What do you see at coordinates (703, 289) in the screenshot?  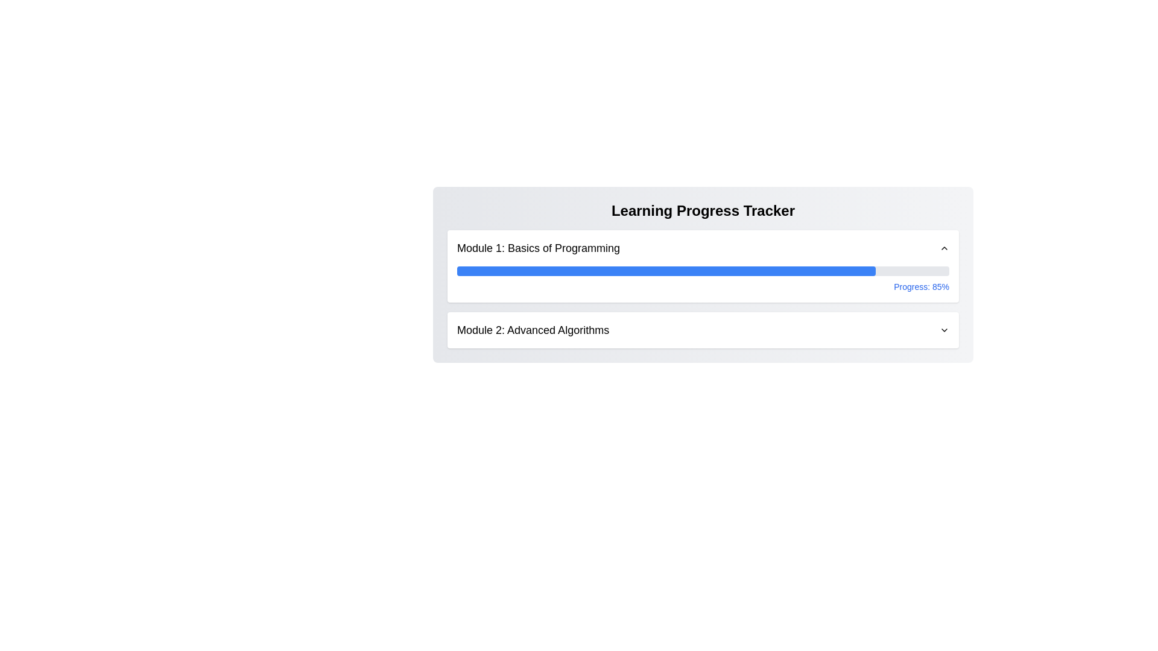 I see `the Progress indicator located in the 'Learning Progress Tracker' section, which visually represents the completion progress of 'Module 1: Basics of Programming'` at bounding box center [703, 289].